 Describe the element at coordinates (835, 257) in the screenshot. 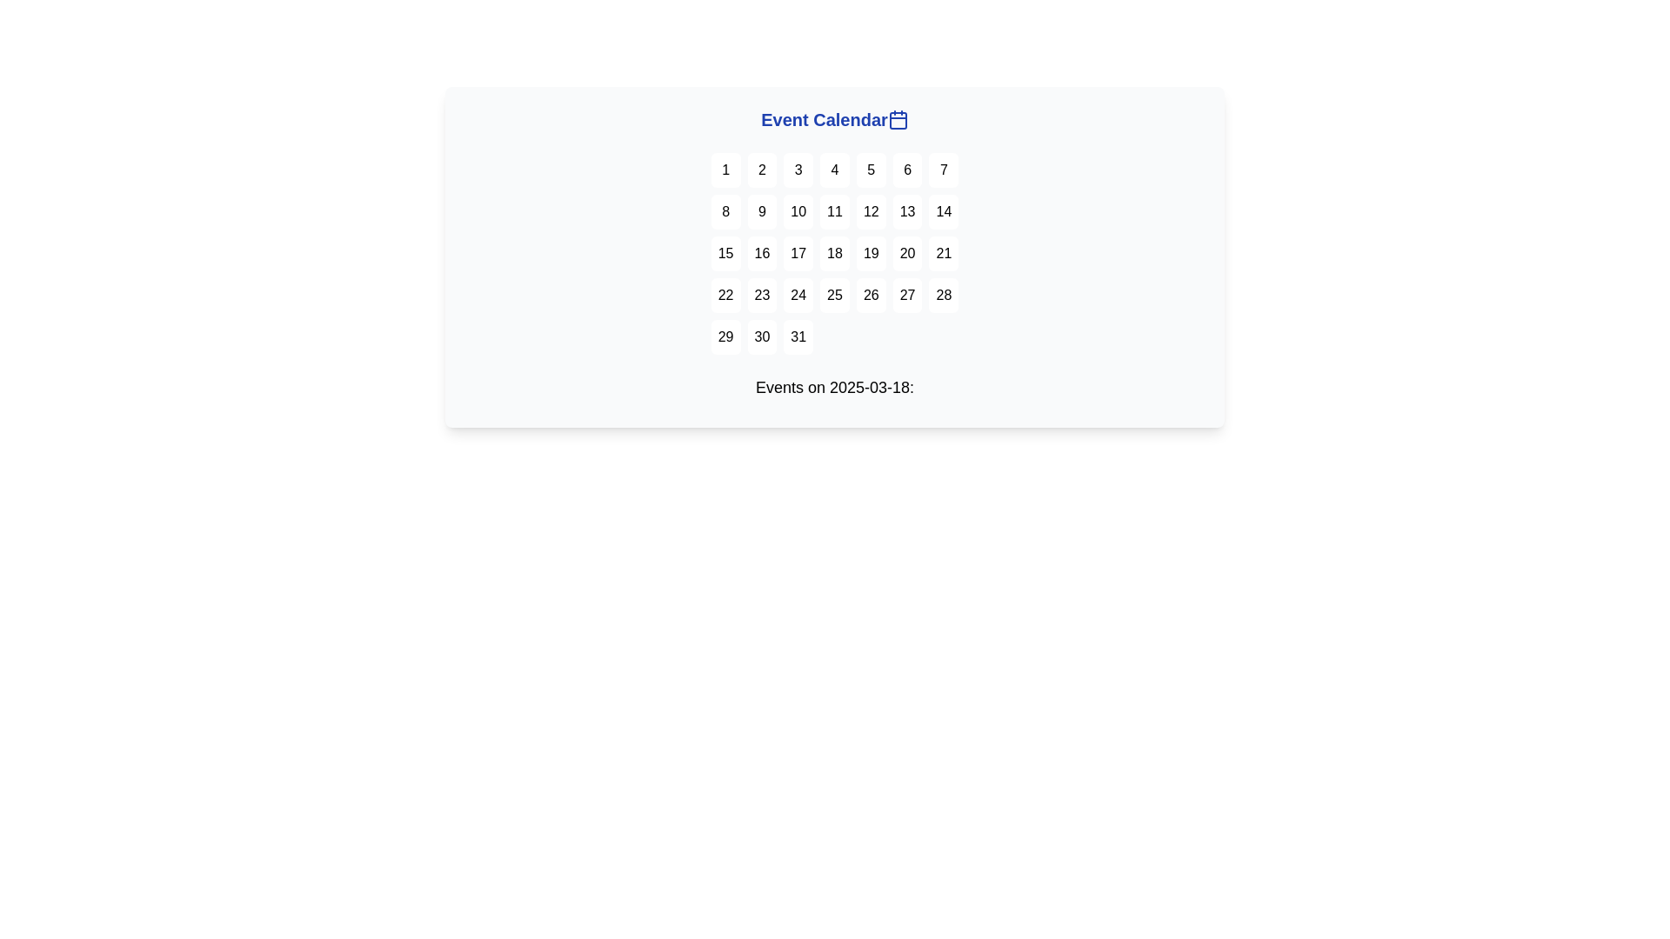

I see `the date button in the Interactive calendar grid widget` at that location.